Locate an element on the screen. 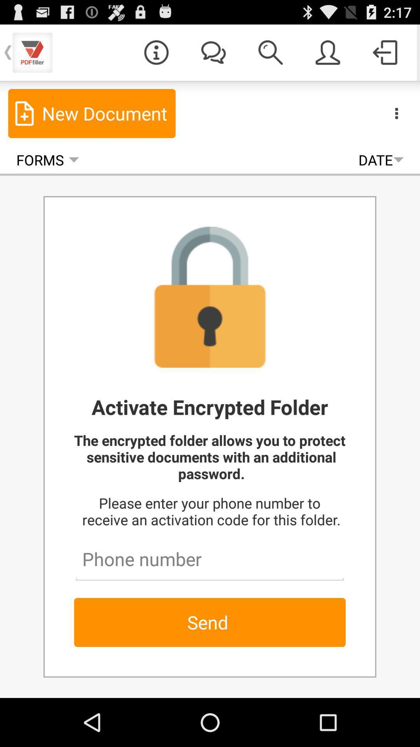  the send button is located at coordinates (209, 622).